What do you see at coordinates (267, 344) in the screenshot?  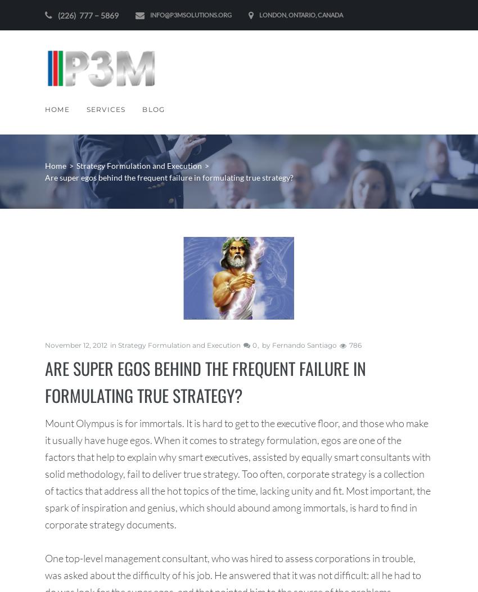 I see `'by'` at bounding box center [267, 344].